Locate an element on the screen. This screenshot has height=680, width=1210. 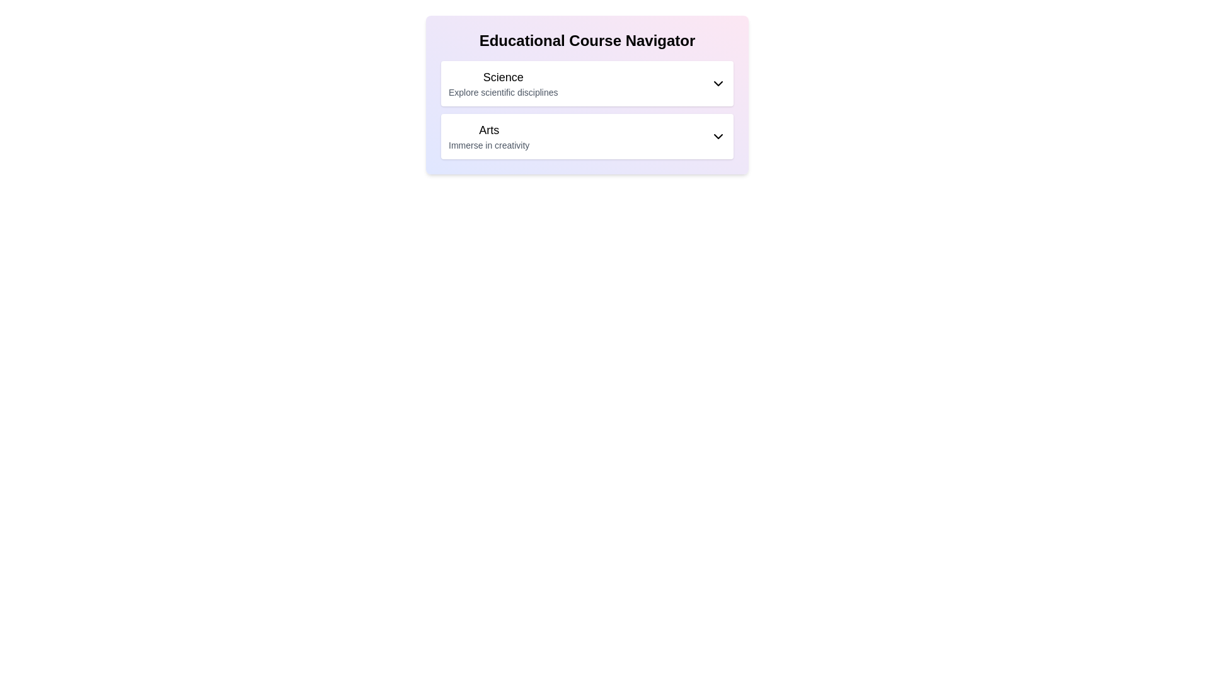
text of the descriptive label located directly below the 'Science' heading in the UI, which provides context about the contents of the 'Science' section is located at coordinates (502, 91).